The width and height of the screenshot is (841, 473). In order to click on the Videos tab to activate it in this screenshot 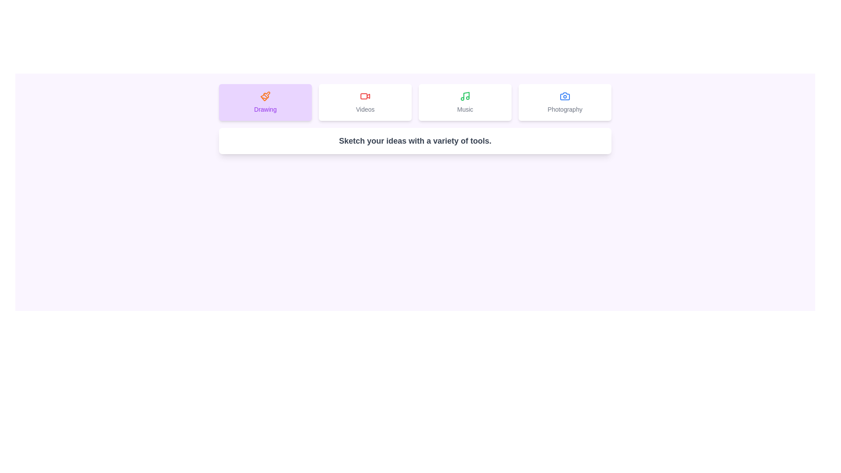, I will do `click(365, 102)`.